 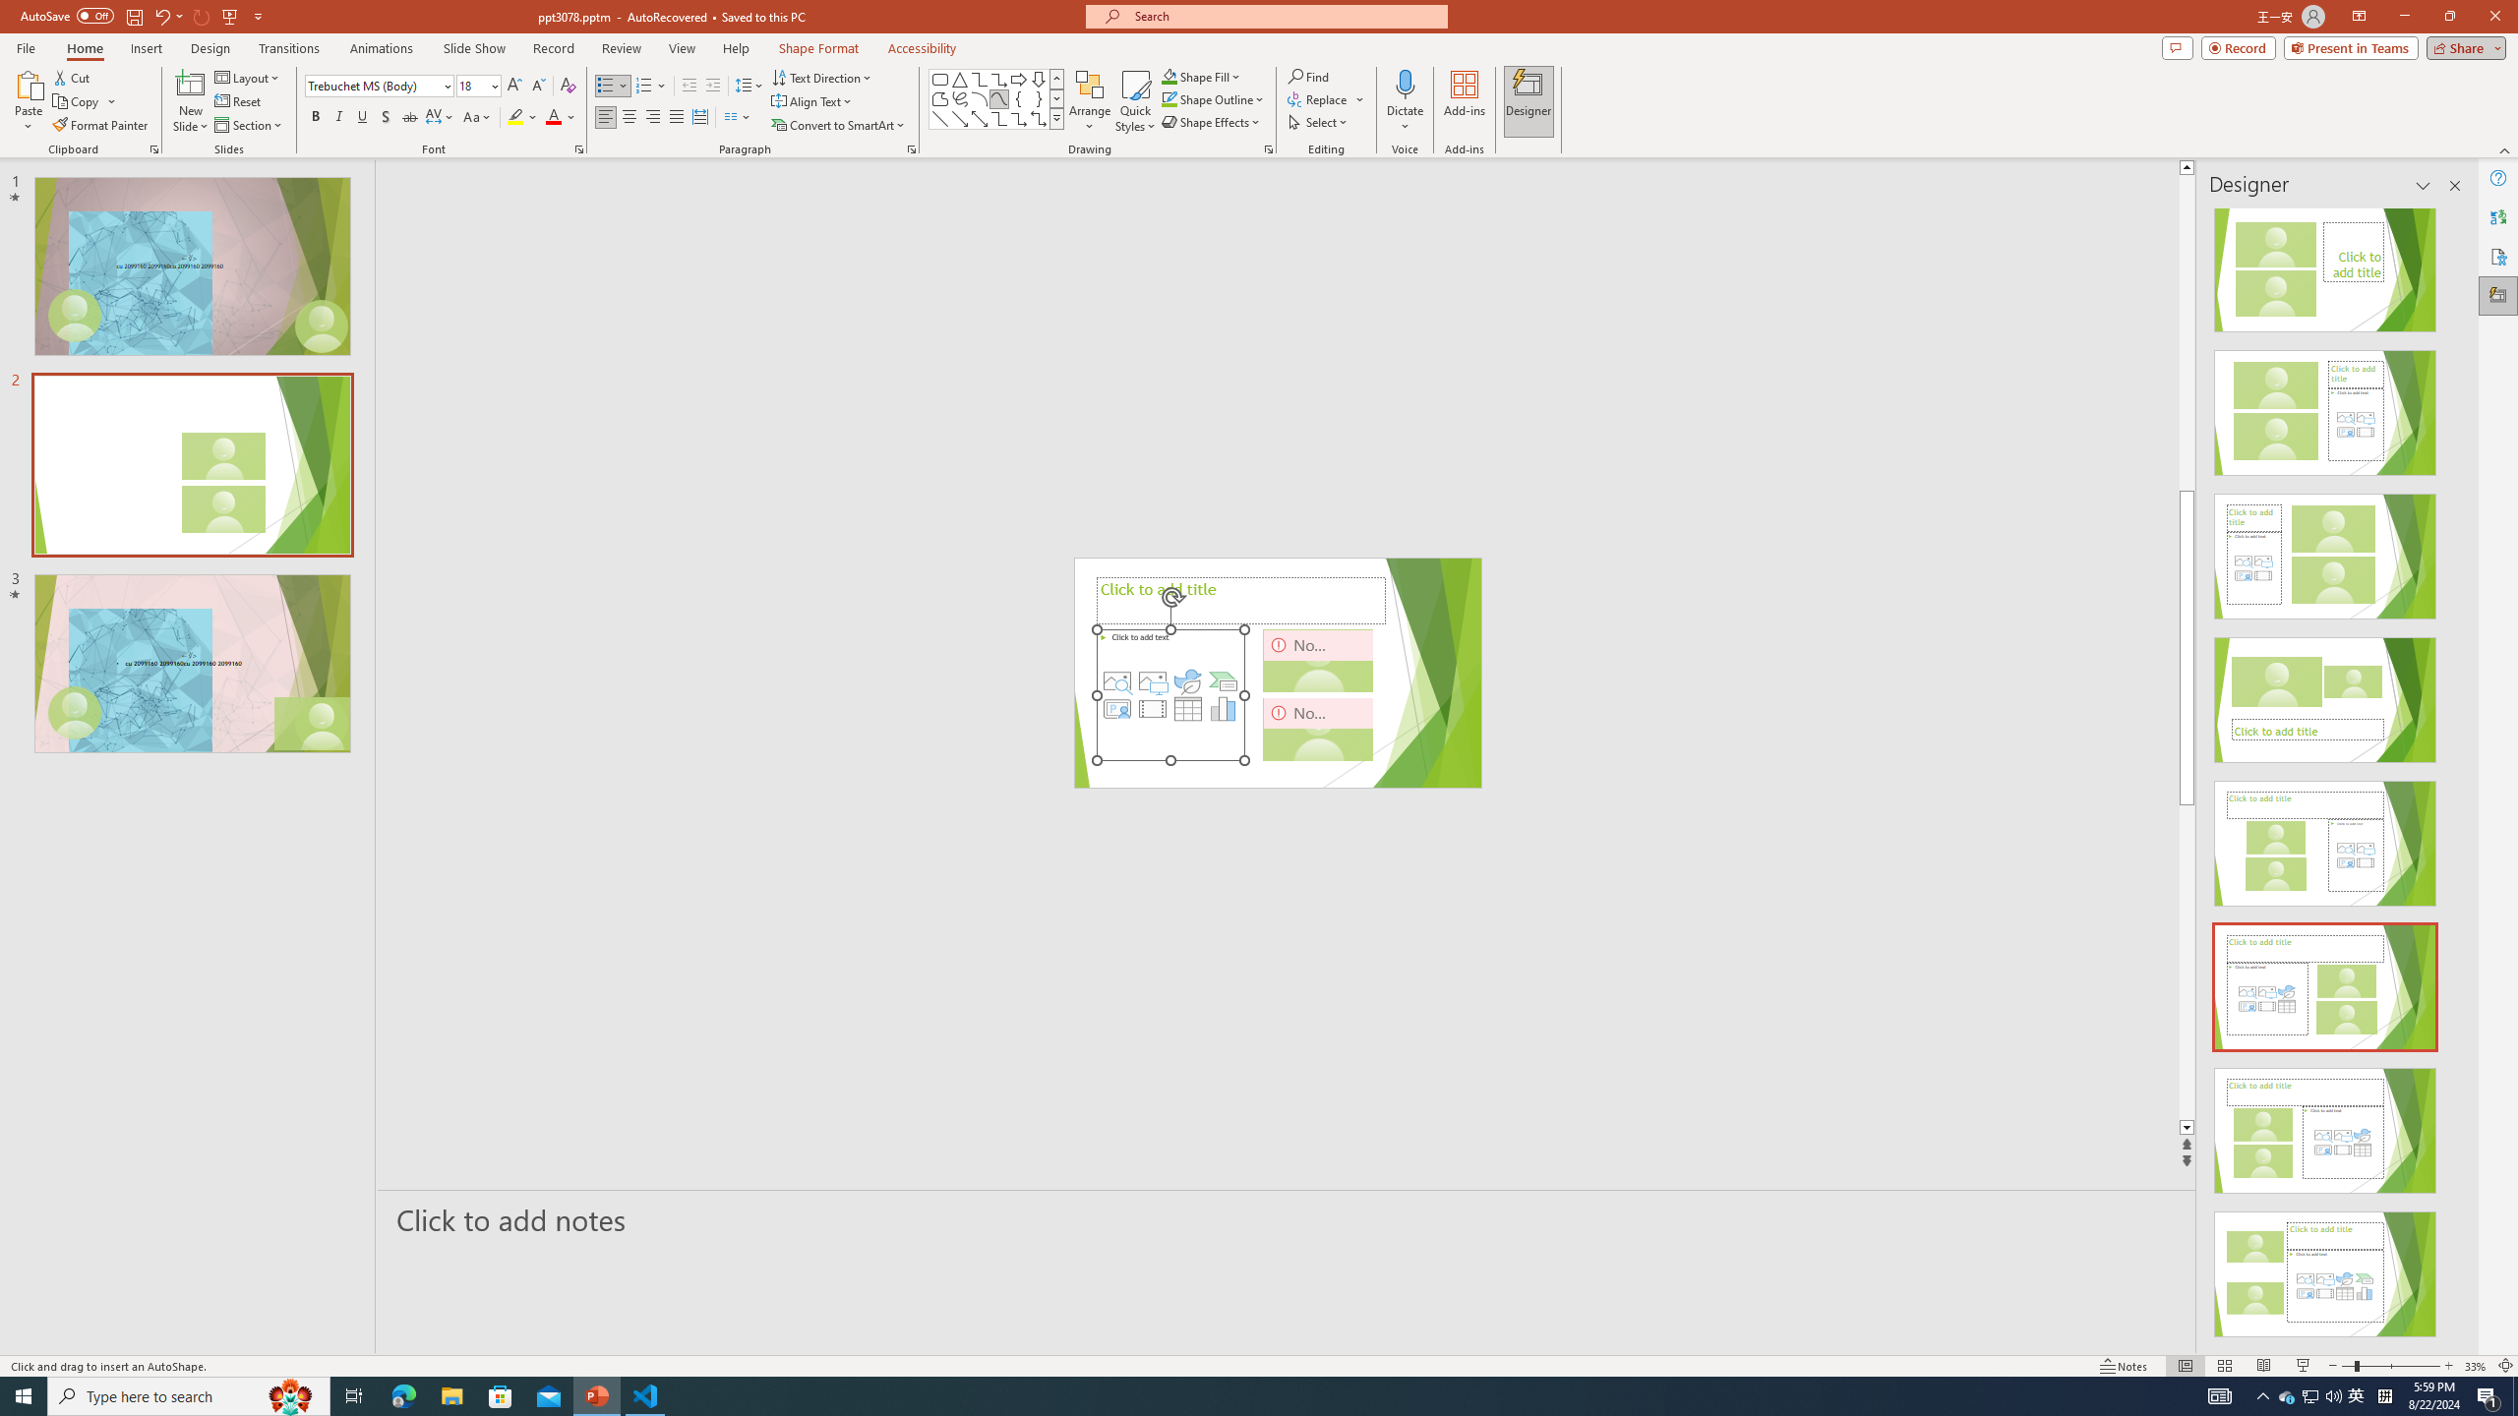 What do you see at coordinates (1169, 97) in the screenshot?
I see `'Shape Outline Green, Accent 1'` at bounding box center [1169, 97].